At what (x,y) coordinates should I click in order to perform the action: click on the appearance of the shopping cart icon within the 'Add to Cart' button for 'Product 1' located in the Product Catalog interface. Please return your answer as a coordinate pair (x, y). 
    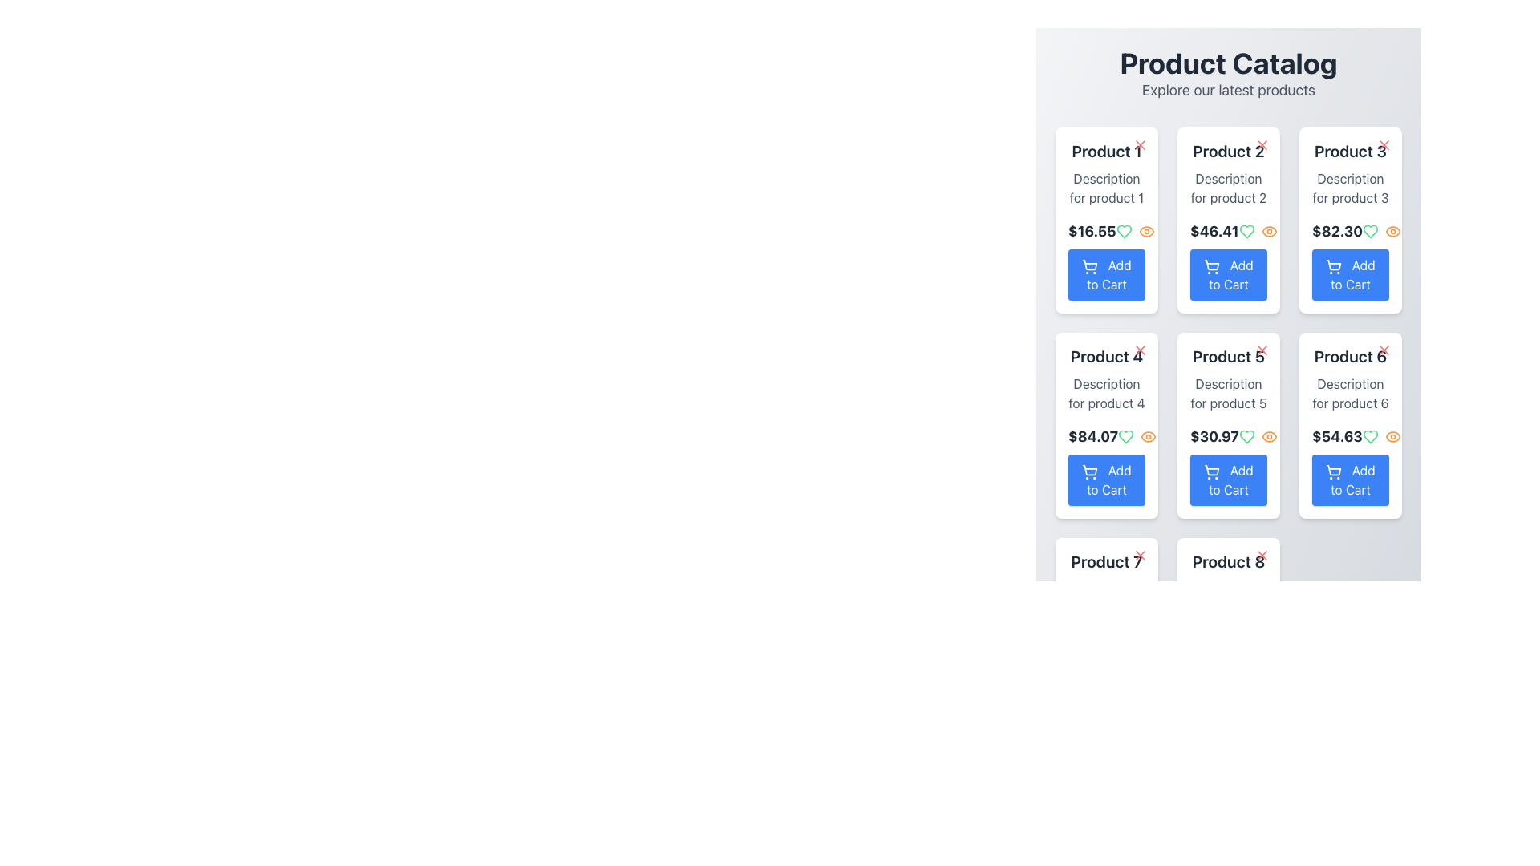
    Looking at the image, I should click on (1090, 264).